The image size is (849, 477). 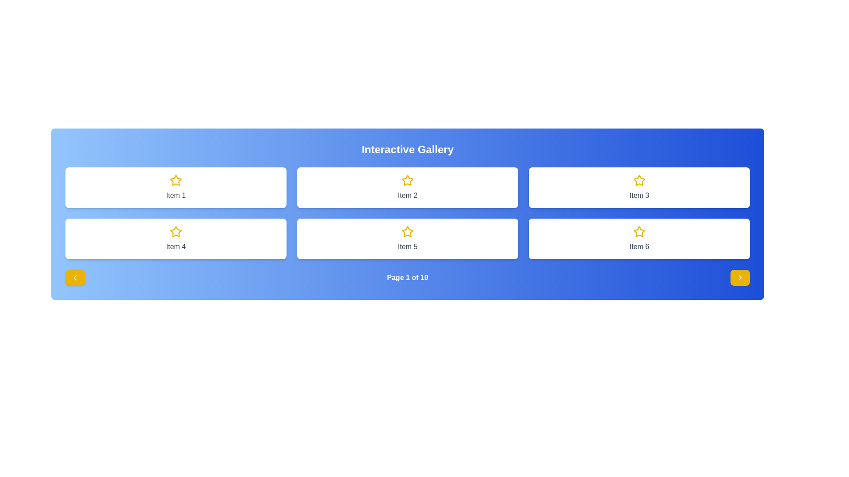 I want to click on the navigation button located in the bottom-right corner of the navigation bar, which allows users to navigate to the next page in a gallery, so click(x=740, y=277).